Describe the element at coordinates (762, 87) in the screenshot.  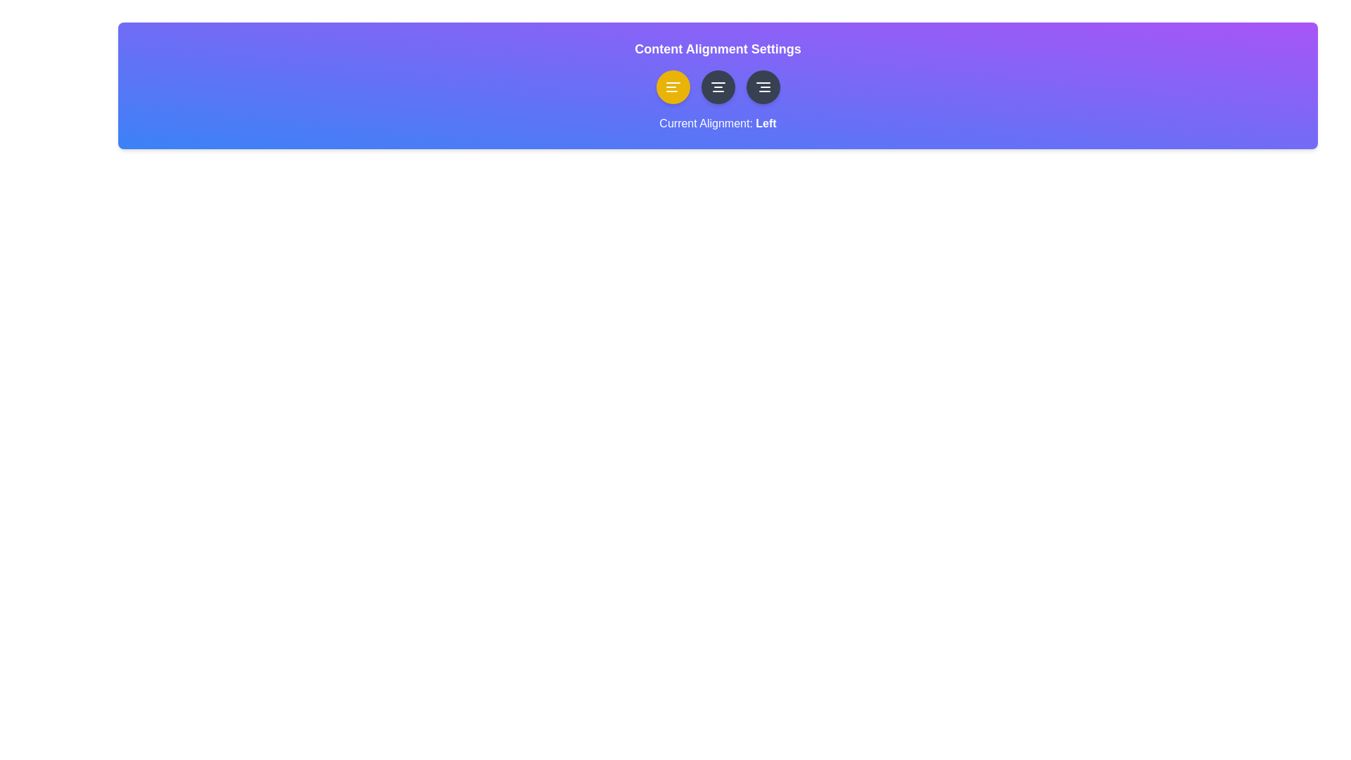
I see `the button corresponding to right` at that location.